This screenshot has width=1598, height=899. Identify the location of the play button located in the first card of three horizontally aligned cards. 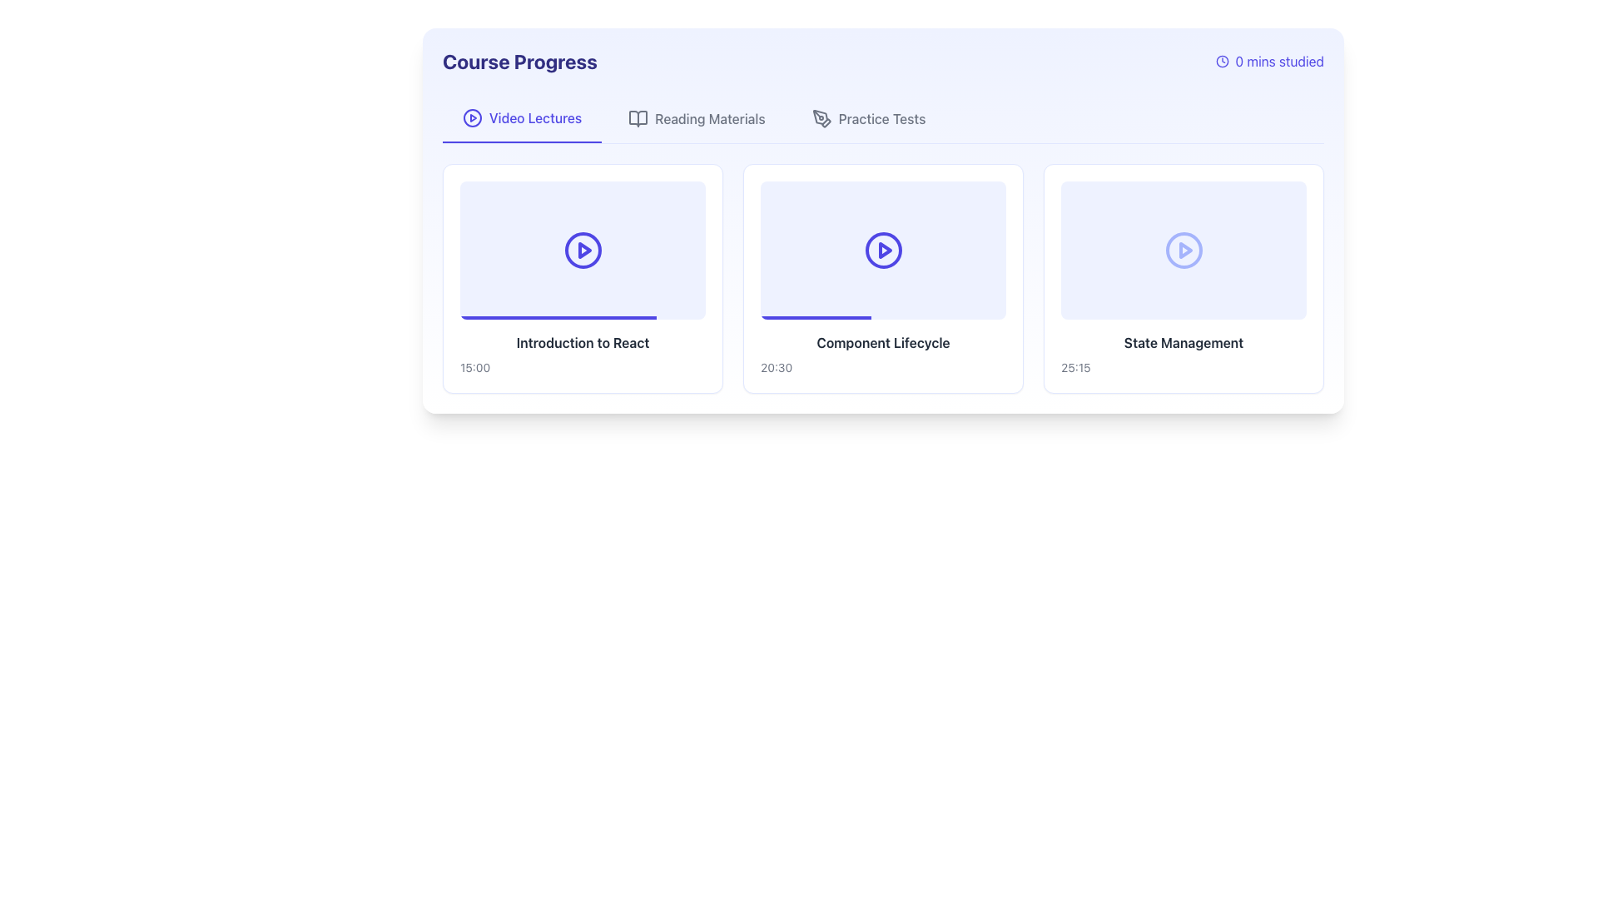
(583, 250).